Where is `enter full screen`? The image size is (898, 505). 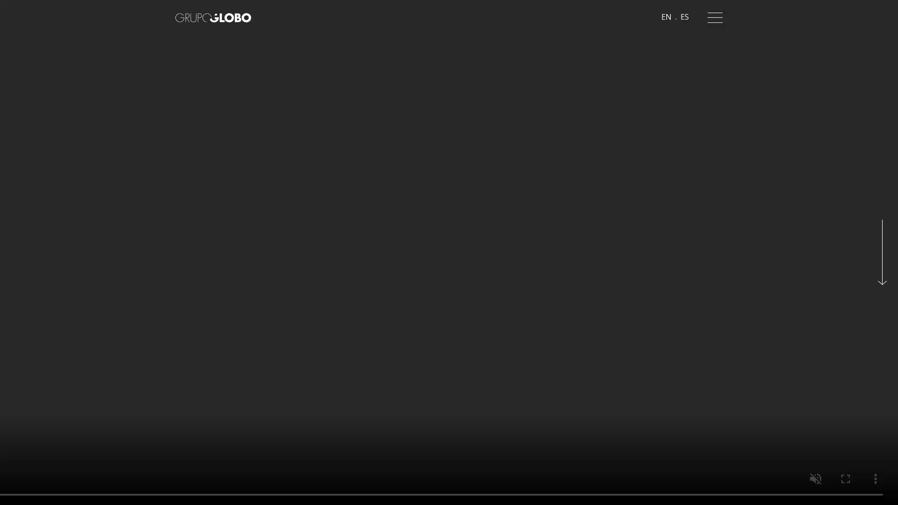
enter full screen is located at coordinates (846, 478).